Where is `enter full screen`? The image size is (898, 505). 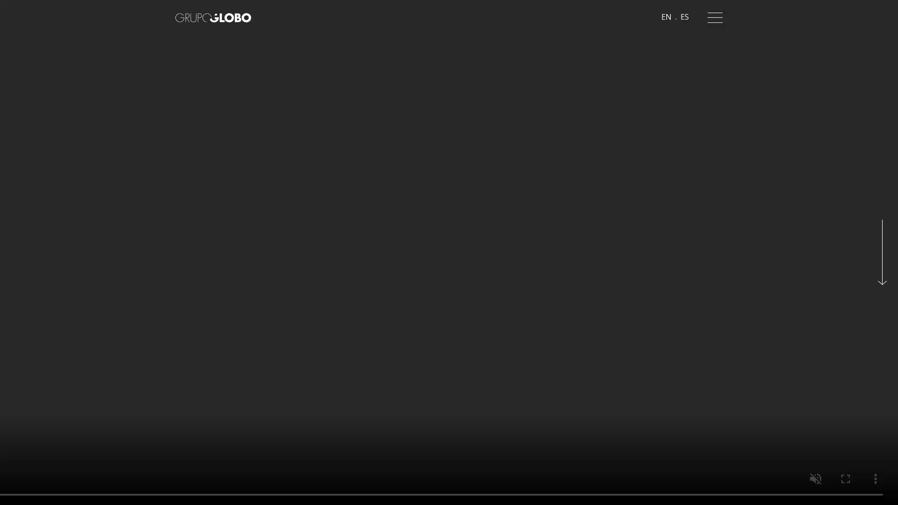
enter full screen is located at coordinates (846, 478).